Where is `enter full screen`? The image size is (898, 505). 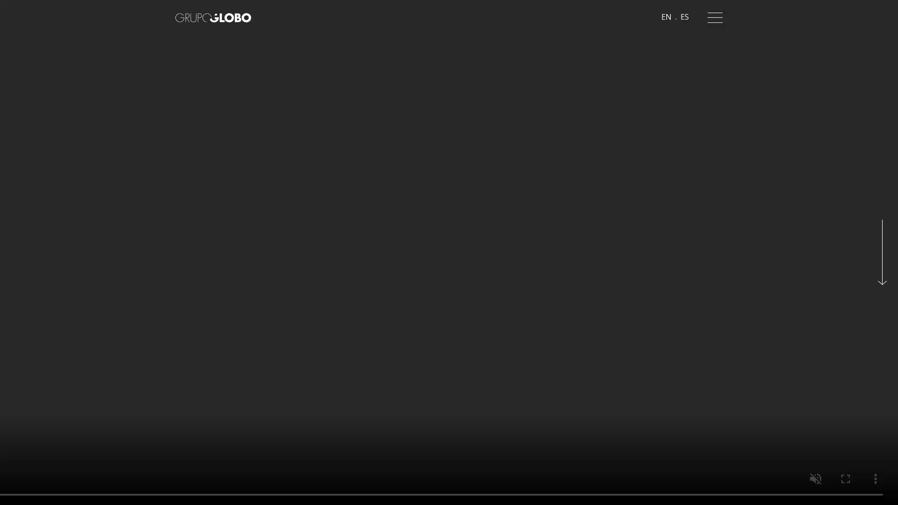
enter full screen is located at coordinates (846, 478).